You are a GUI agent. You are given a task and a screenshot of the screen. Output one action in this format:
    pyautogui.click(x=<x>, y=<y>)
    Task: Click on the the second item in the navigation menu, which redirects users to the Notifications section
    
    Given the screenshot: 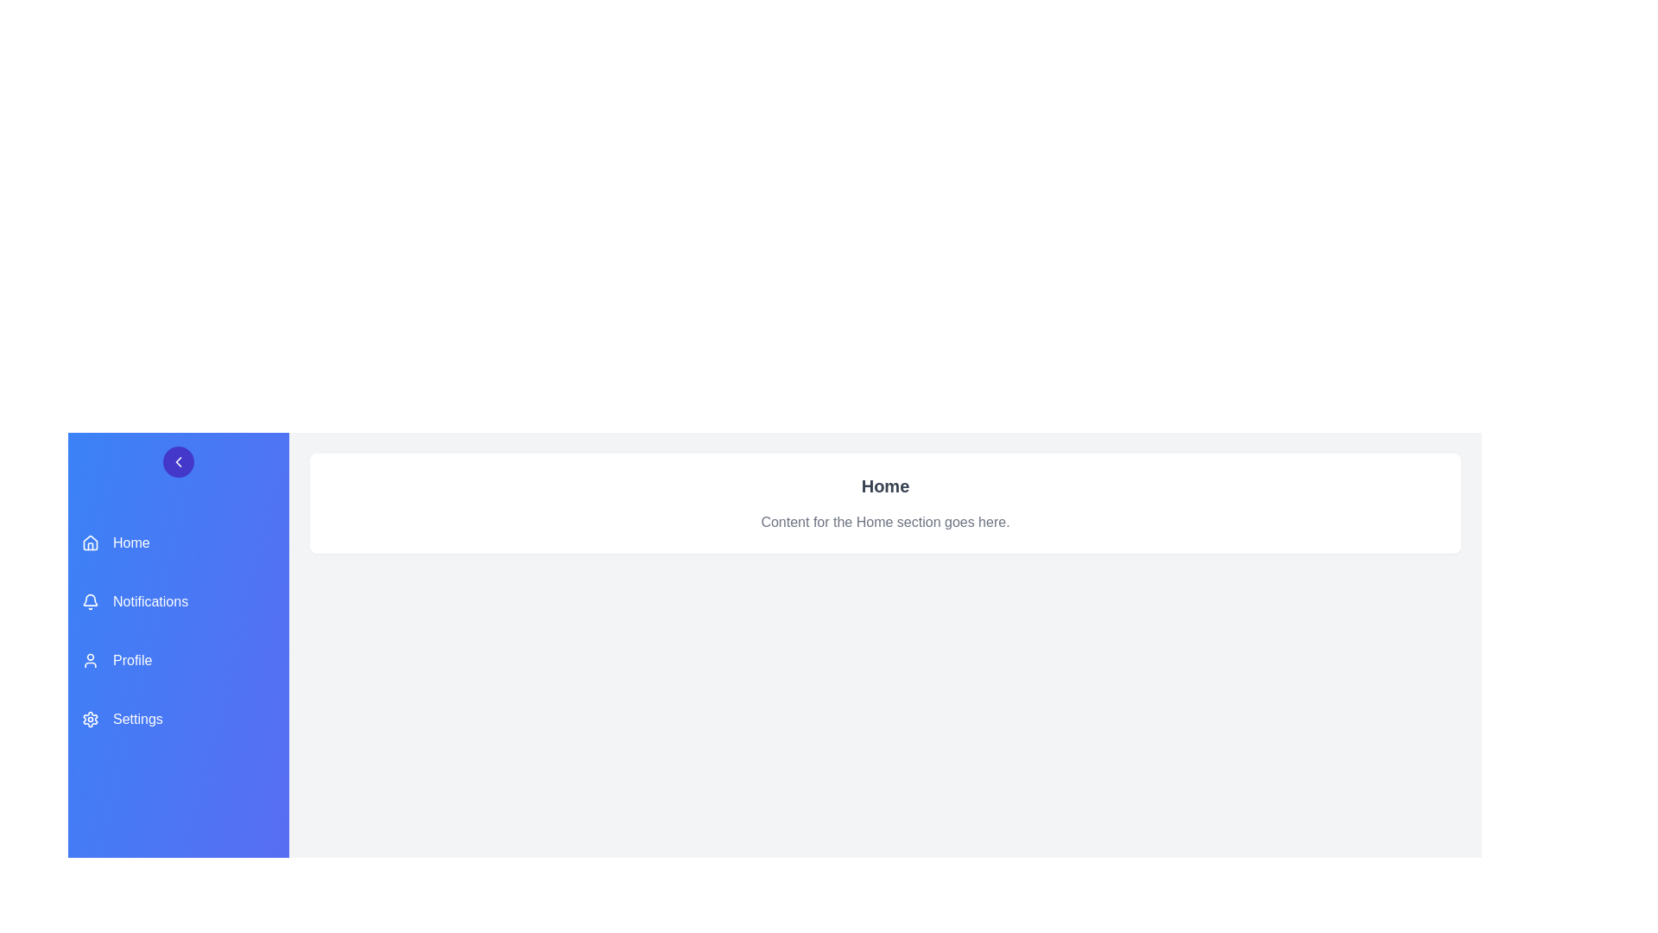 What is the action you would take?
    pyautogui.click(x=178, y=601)
    